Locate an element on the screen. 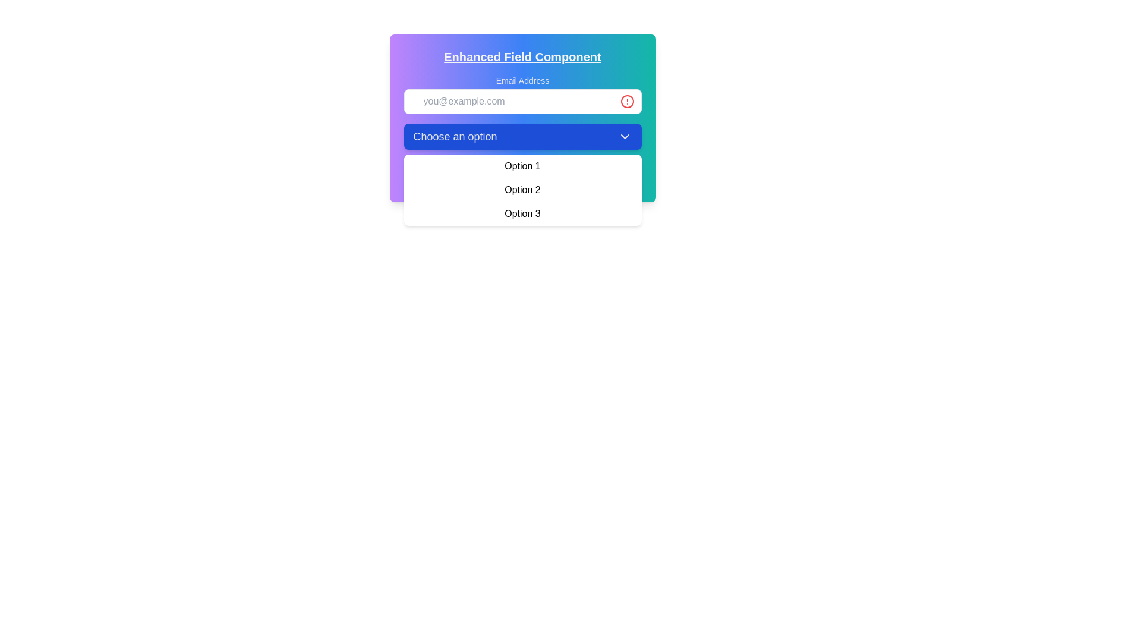 The height and width of the screenshot is (642, 1141). the 'Reset' button with a red background and white text located at the bottom of the form is located at coordinates (551, 176).